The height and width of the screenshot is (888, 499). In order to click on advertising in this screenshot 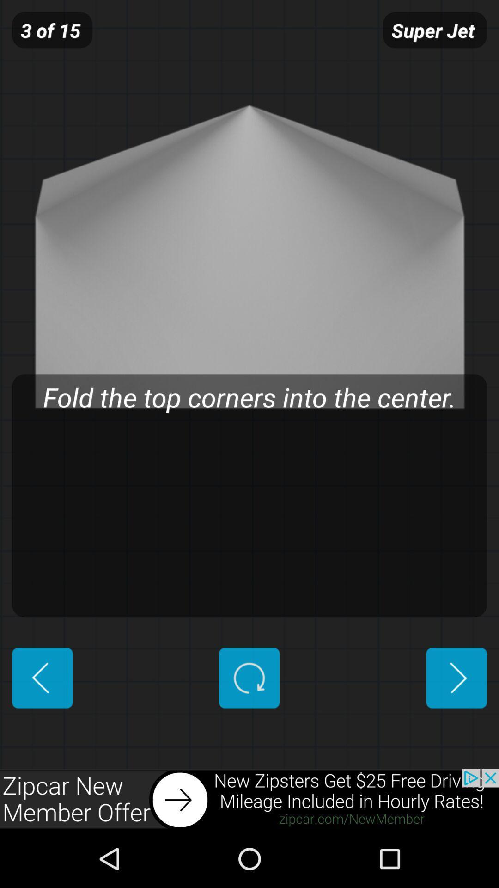, I will do `click(249, 799)`.